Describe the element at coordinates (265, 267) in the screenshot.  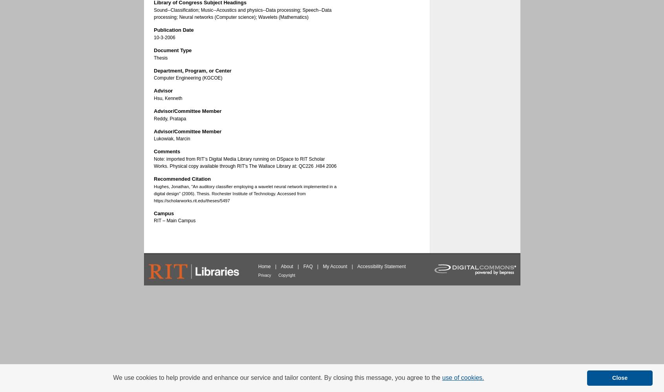
I see `'Home'` at that location.